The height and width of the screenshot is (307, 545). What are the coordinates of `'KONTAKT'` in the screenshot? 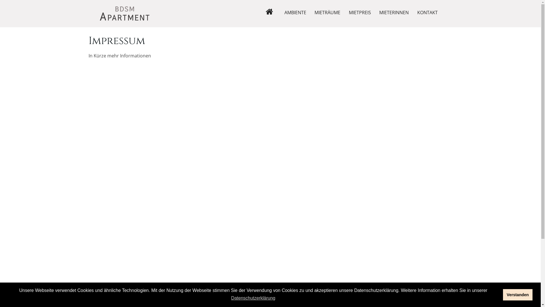 It's located at (427, 12).